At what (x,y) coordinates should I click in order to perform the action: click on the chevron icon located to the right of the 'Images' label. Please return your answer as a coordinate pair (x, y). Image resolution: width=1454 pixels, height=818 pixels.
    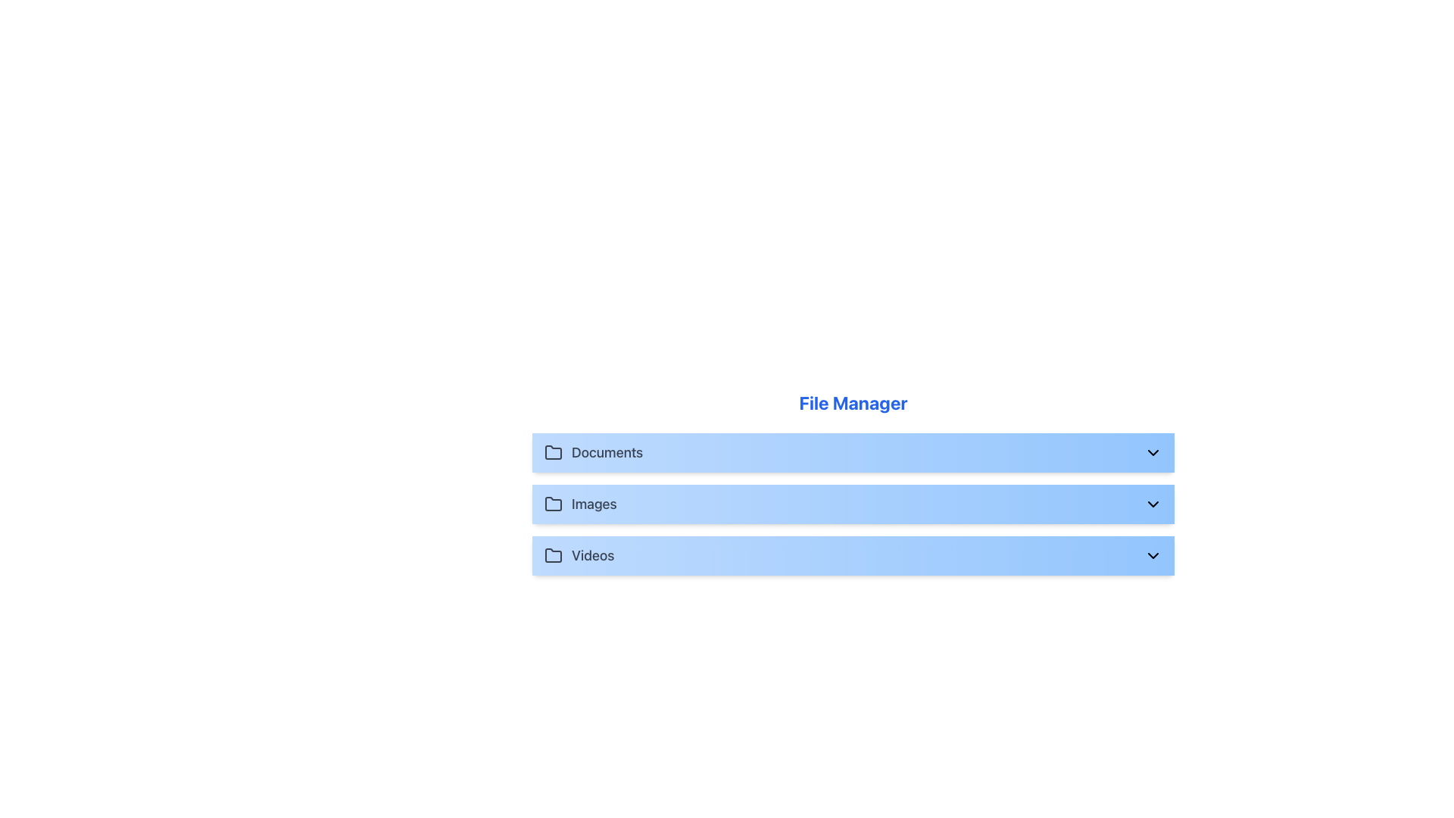
    Looking at the image, I should click on (1152, 504).